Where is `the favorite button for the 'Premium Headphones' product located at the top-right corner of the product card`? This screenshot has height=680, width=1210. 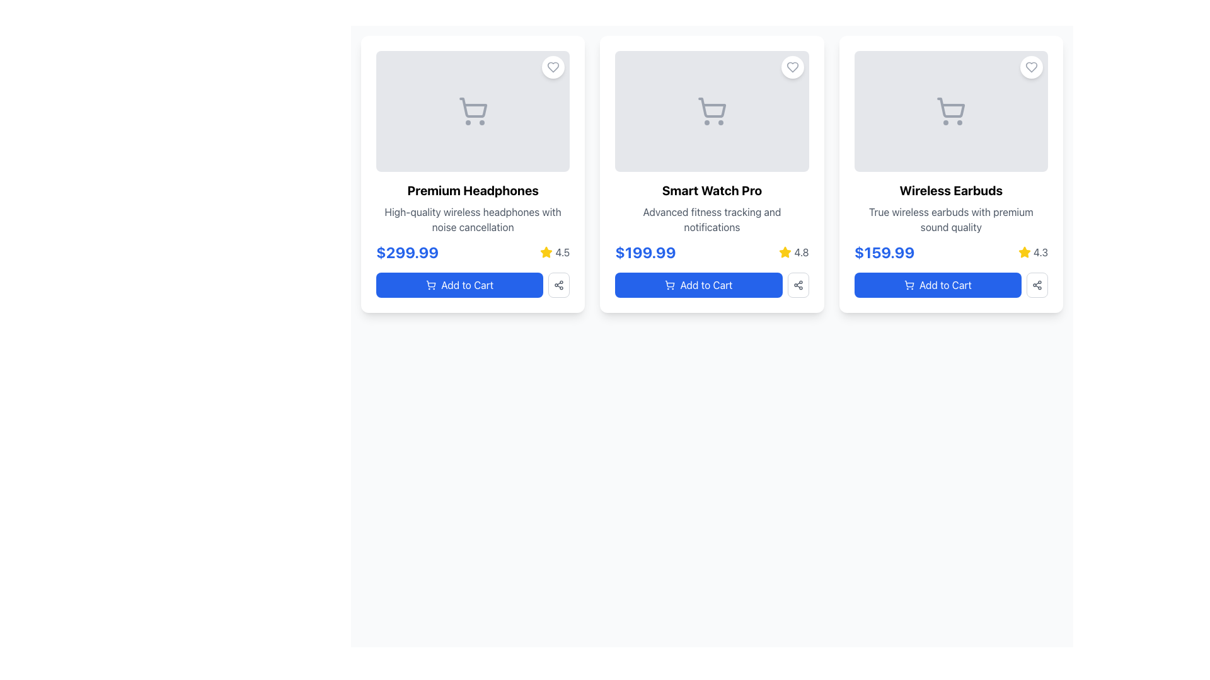
the favorite button for the 'Premium Headphones' product located at the top-right corner of the product card is located at coordinates (553, 67).